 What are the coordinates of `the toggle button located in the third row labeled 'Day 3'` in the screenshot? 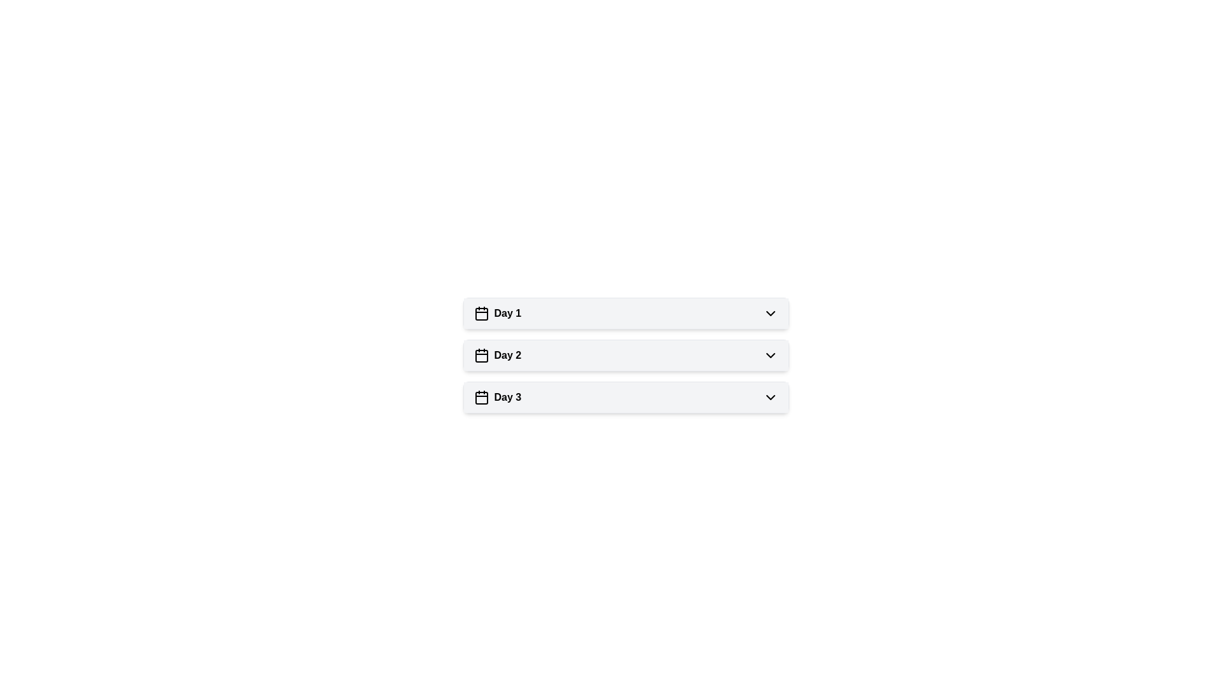 It's located at (769, 396).